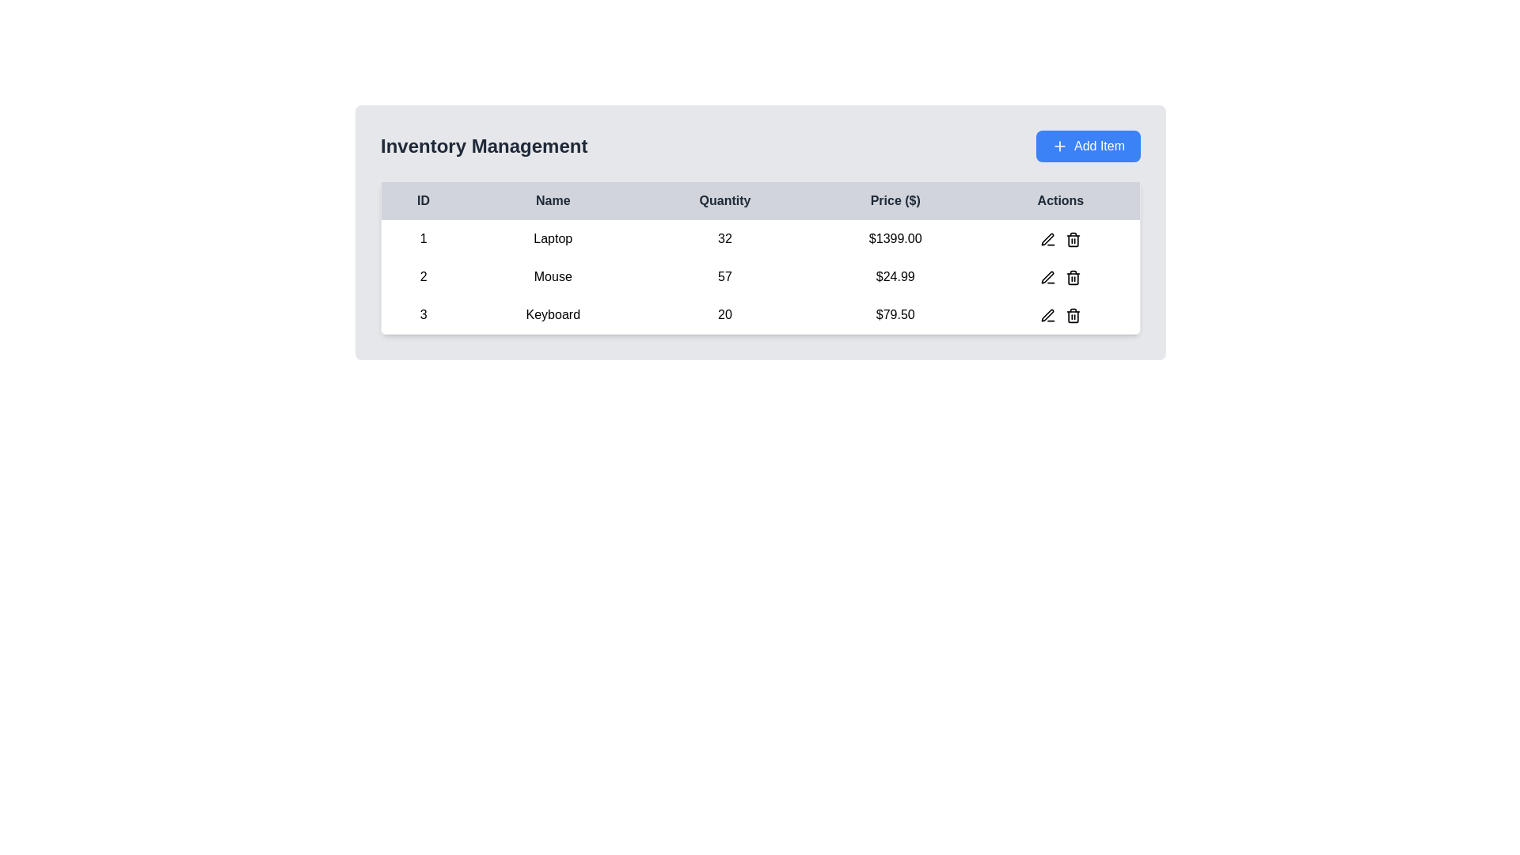  What do you see at coordinates (1073, 276) in the screenshot?
I see `the trash can icon button located in the 'Actions' column of the second row of the data table` at bounding box center [1073, 276].